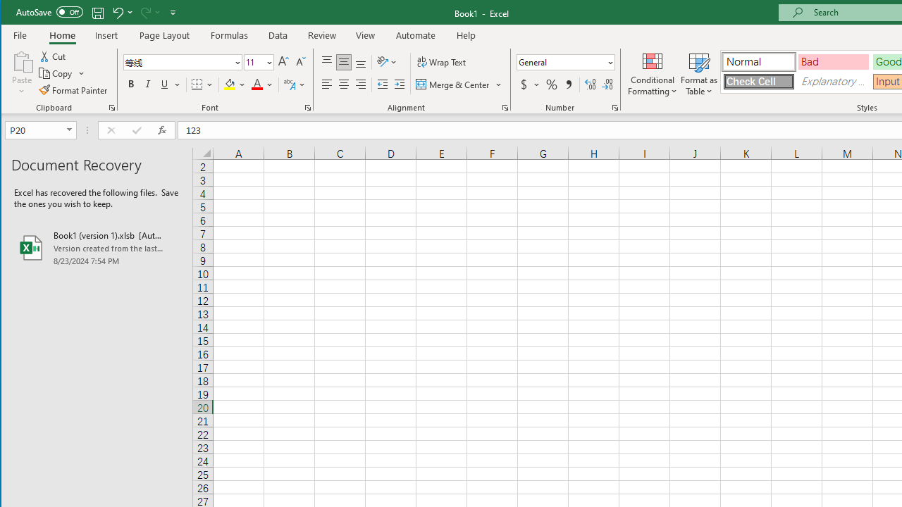 Image resolution: width=902 pixels, height=507 pixels. What do you see at coordinates (293, 84) in the screenshot?
I see `'Show Phonetic Field'` at bounding box center [293, 84].